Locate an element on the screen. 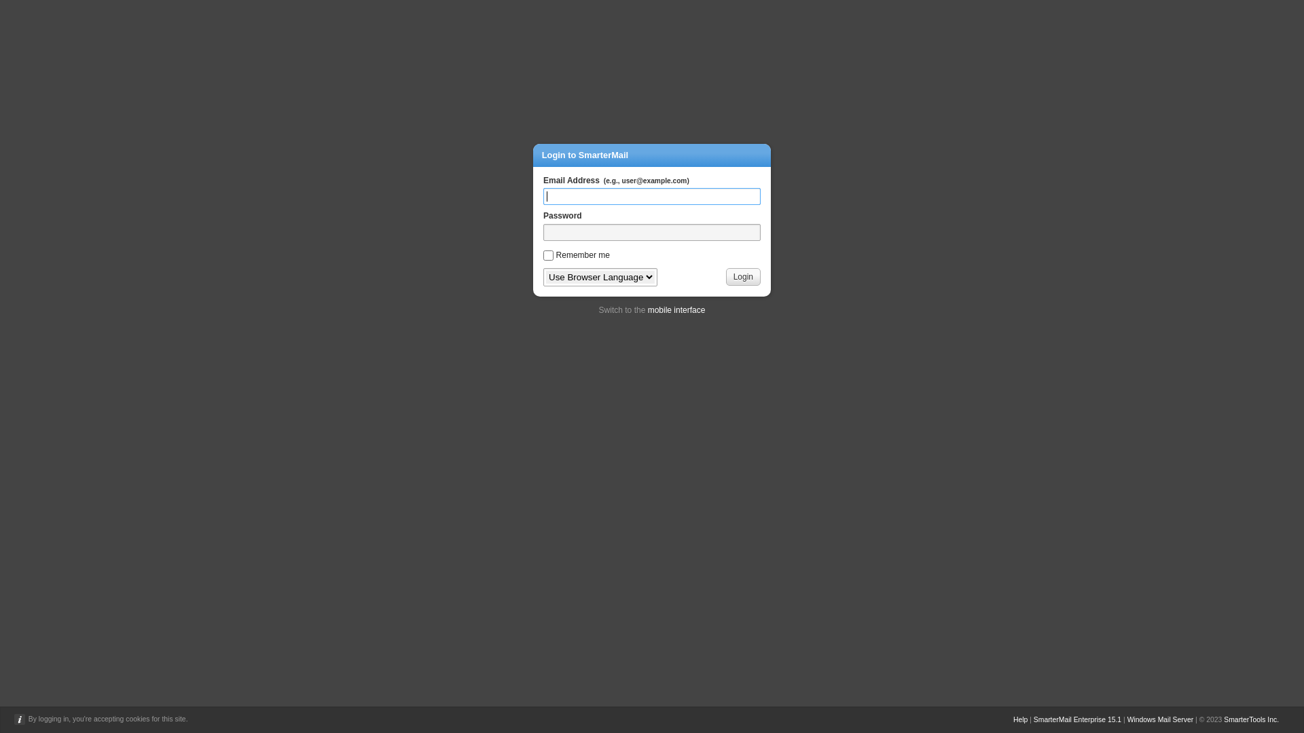 The image size is (1304, 733). 'SmarterMail Enterprise 15.1' is located at coordinates (1076, 719).